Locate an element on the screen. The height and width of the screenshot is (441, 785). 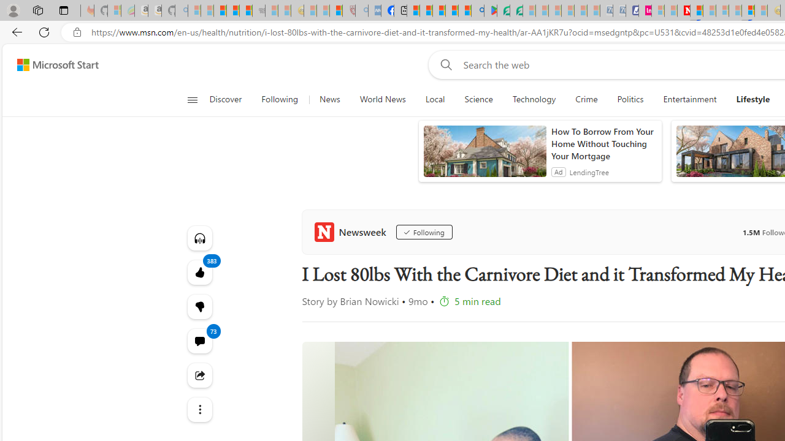
'Technology' is located at coordinates (534, 99).